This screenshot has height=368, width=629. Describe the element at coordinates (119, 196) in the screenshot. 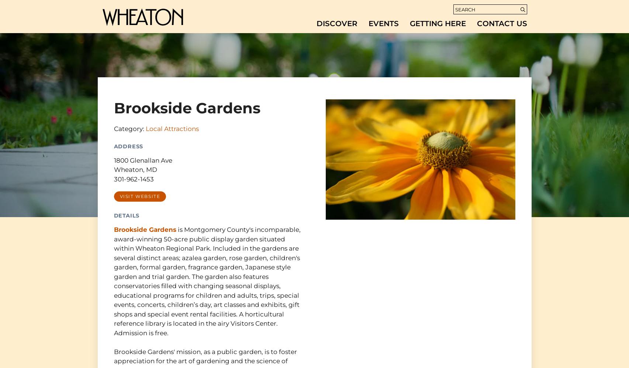

I see `'visit website'` at that location.